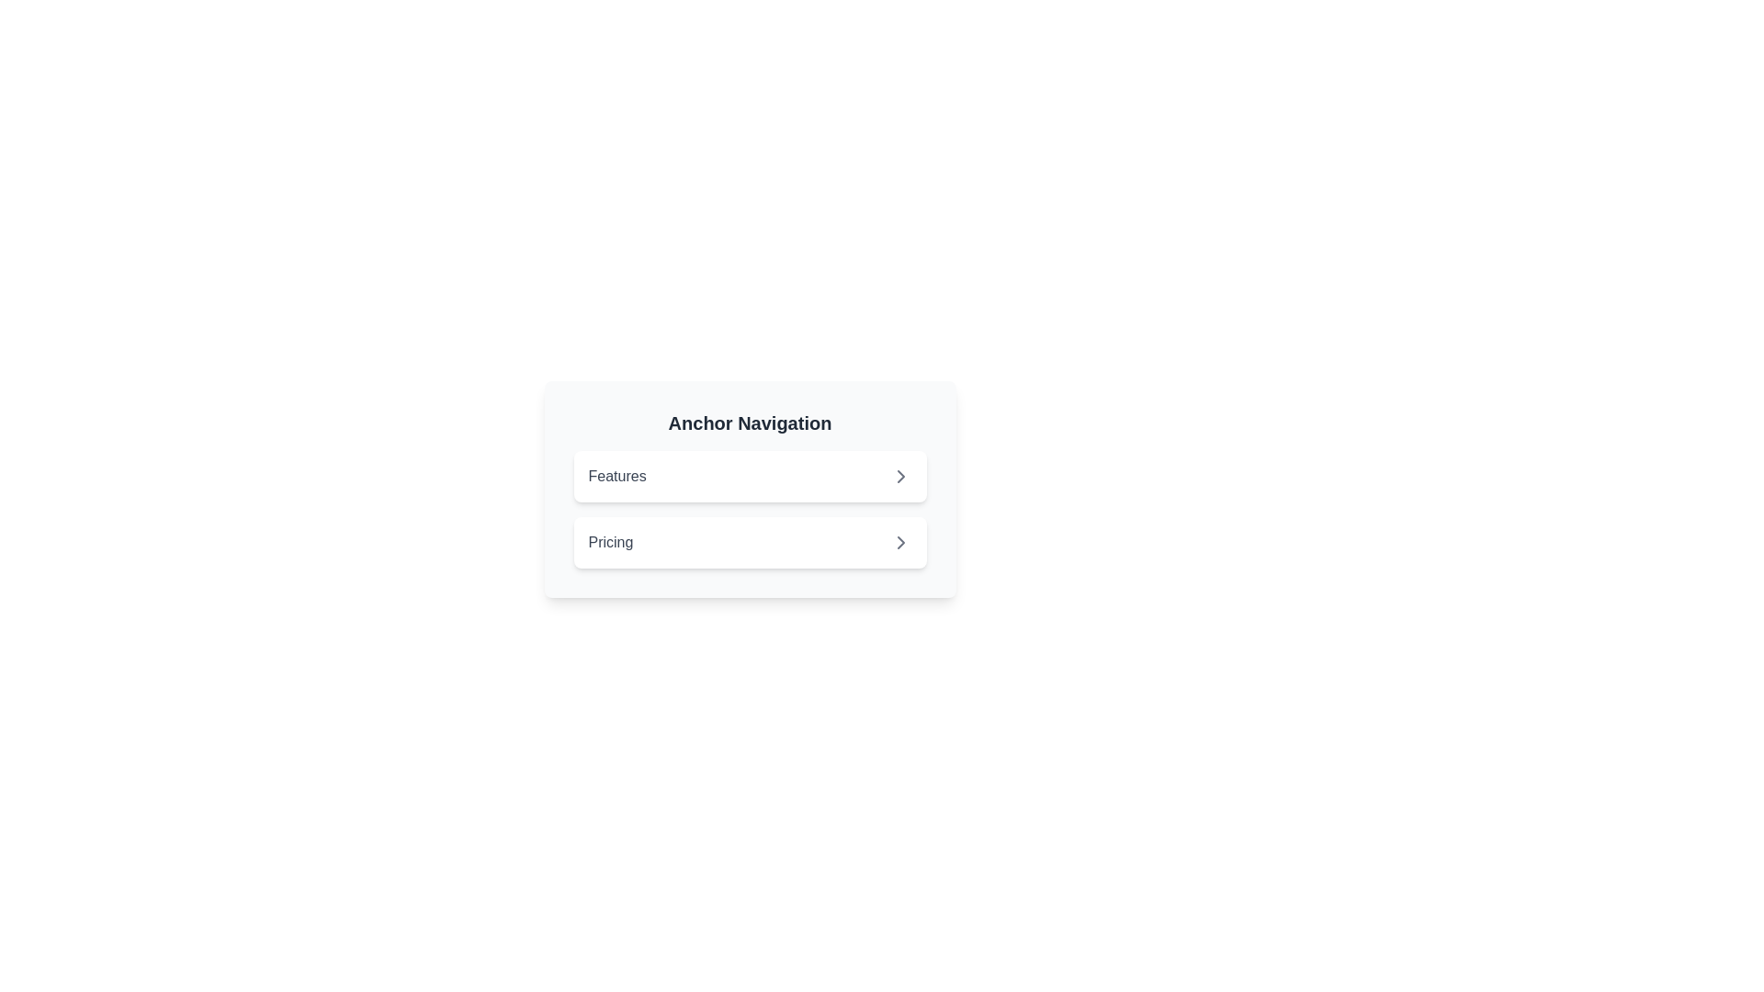  What do you see at coordinates (610, 541) in the screenshot?
I see `the Text label that serves as a description for the 'Pricing' section, positioned as the second item in a vertical list below 'Features'` at bounding box center [610, 541].